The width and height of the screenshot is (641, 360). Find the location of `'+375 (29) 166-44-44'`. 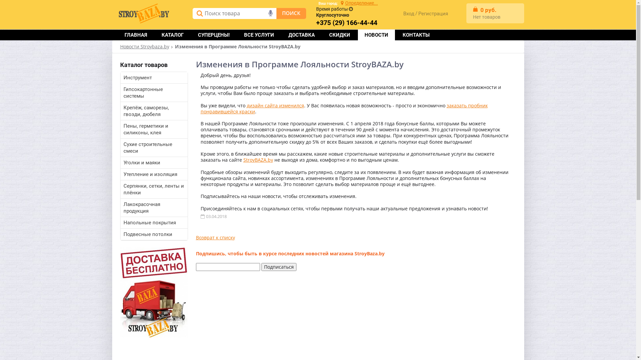

'+375 (29) 166-44-44' is located at coordinates (347, 23).